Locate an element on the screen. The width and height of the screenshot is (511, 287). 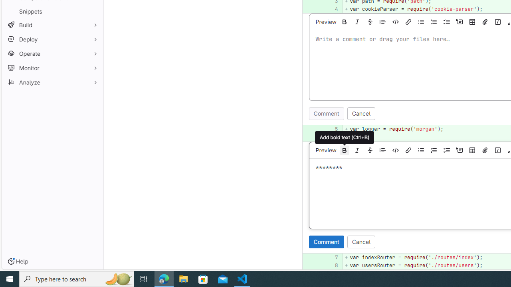
'Add italic text (Ctrl+I)' is located at coordinates (357, 150).